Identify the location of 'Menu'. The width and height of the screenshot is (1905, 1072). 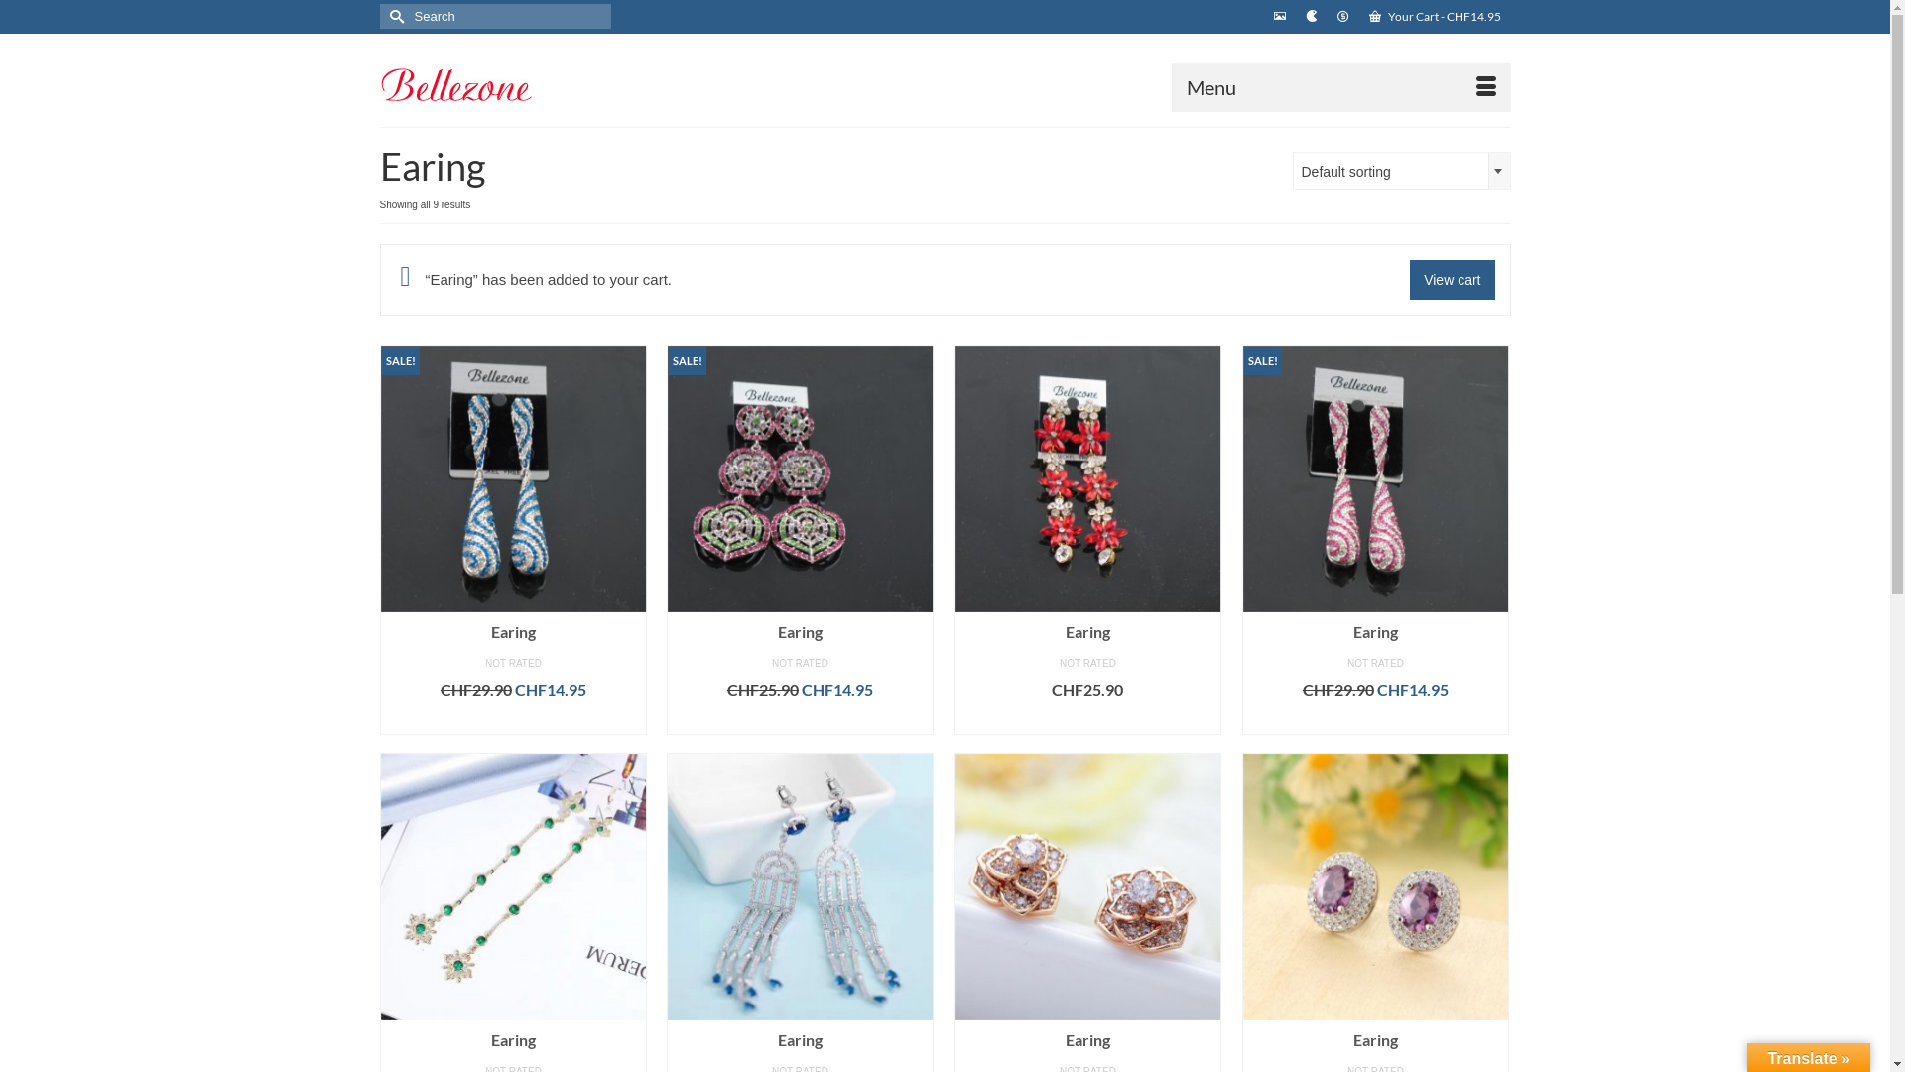
(1339, 86).